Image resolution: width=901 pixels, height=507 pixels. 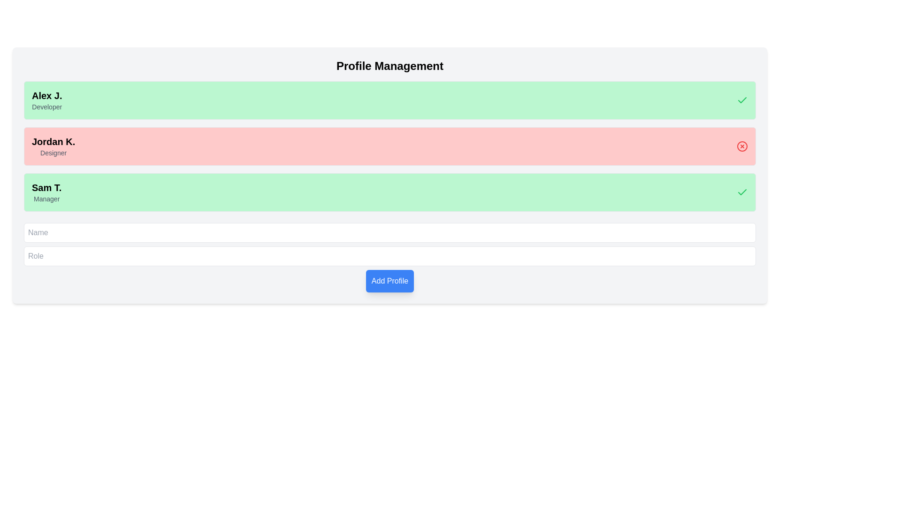 I want to click on the text label displaying 'Sam T.' in a bold font, which is positioned at the bottom of a green-highlighted card, indicating a significant name or title, so click(x=46, y=188).